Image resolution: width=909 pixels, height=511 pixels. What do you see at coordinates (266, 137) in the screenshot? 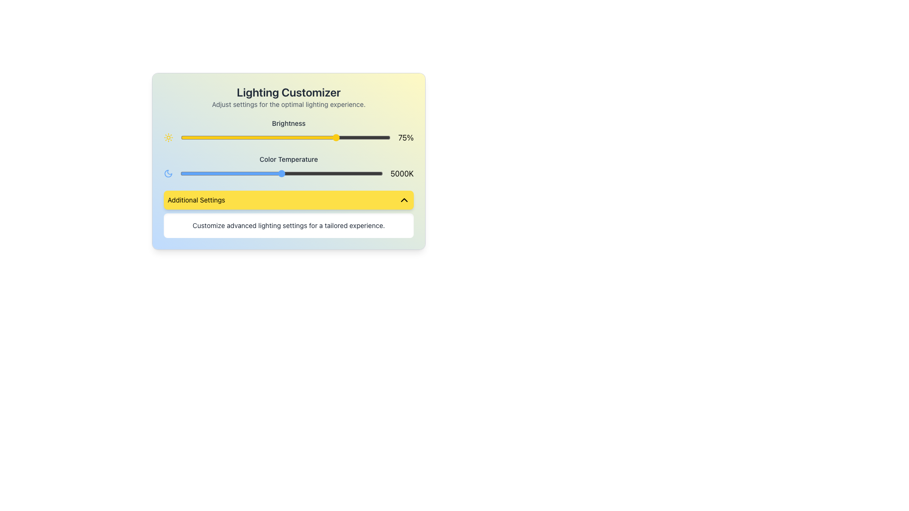
I see `the brightness level` at bounding box center [266, 137].